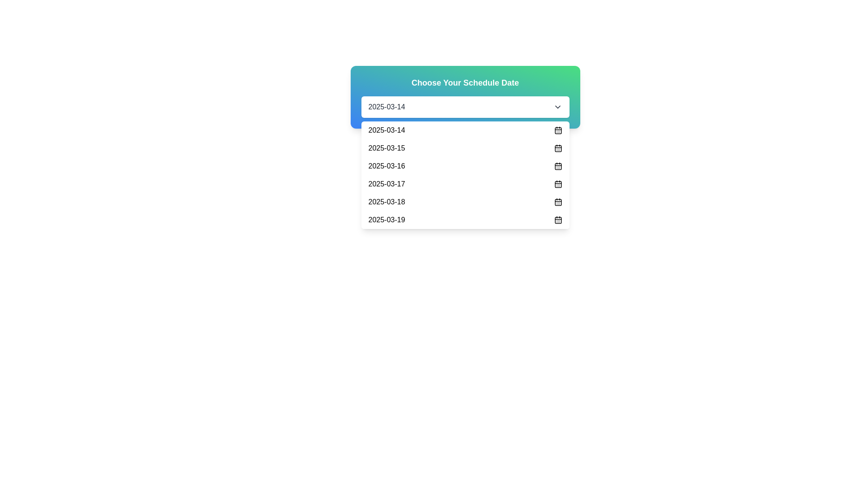  What do you see at coordinates (465, 184) in the screenshot?
I see `the fifth list item in the dropdown menu that displays the date '2025-03-17'` at bounding box center [465, 184].